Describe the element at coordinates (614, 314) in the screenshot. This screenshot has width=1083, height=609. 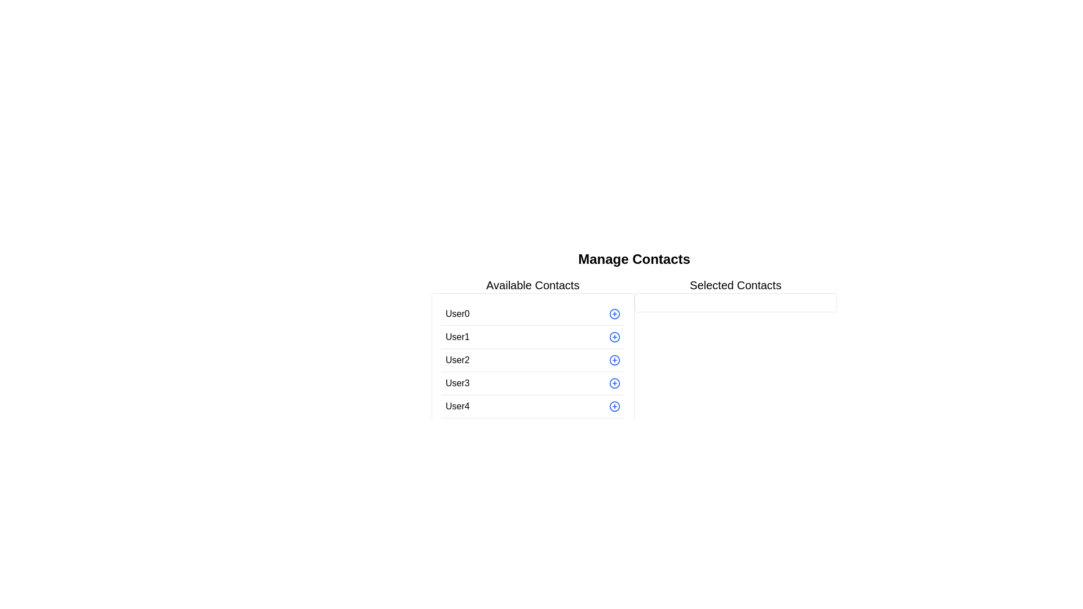
I see `the circular icon with a blue border and a plus sign, located immediately to the right of 'User0' in the 'Available Contacts' column` at that location.